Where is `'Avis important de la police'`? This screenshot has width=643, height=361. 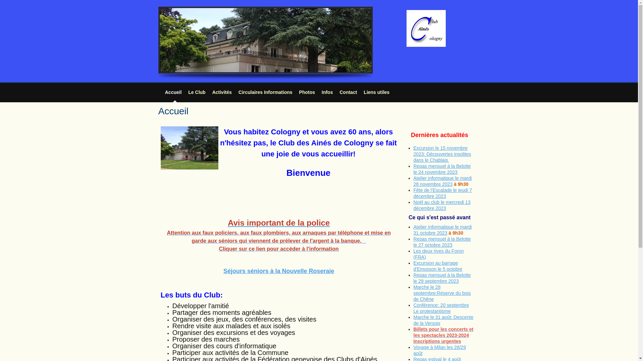
'Avis important de la police' is located at coordinates (279, 223).